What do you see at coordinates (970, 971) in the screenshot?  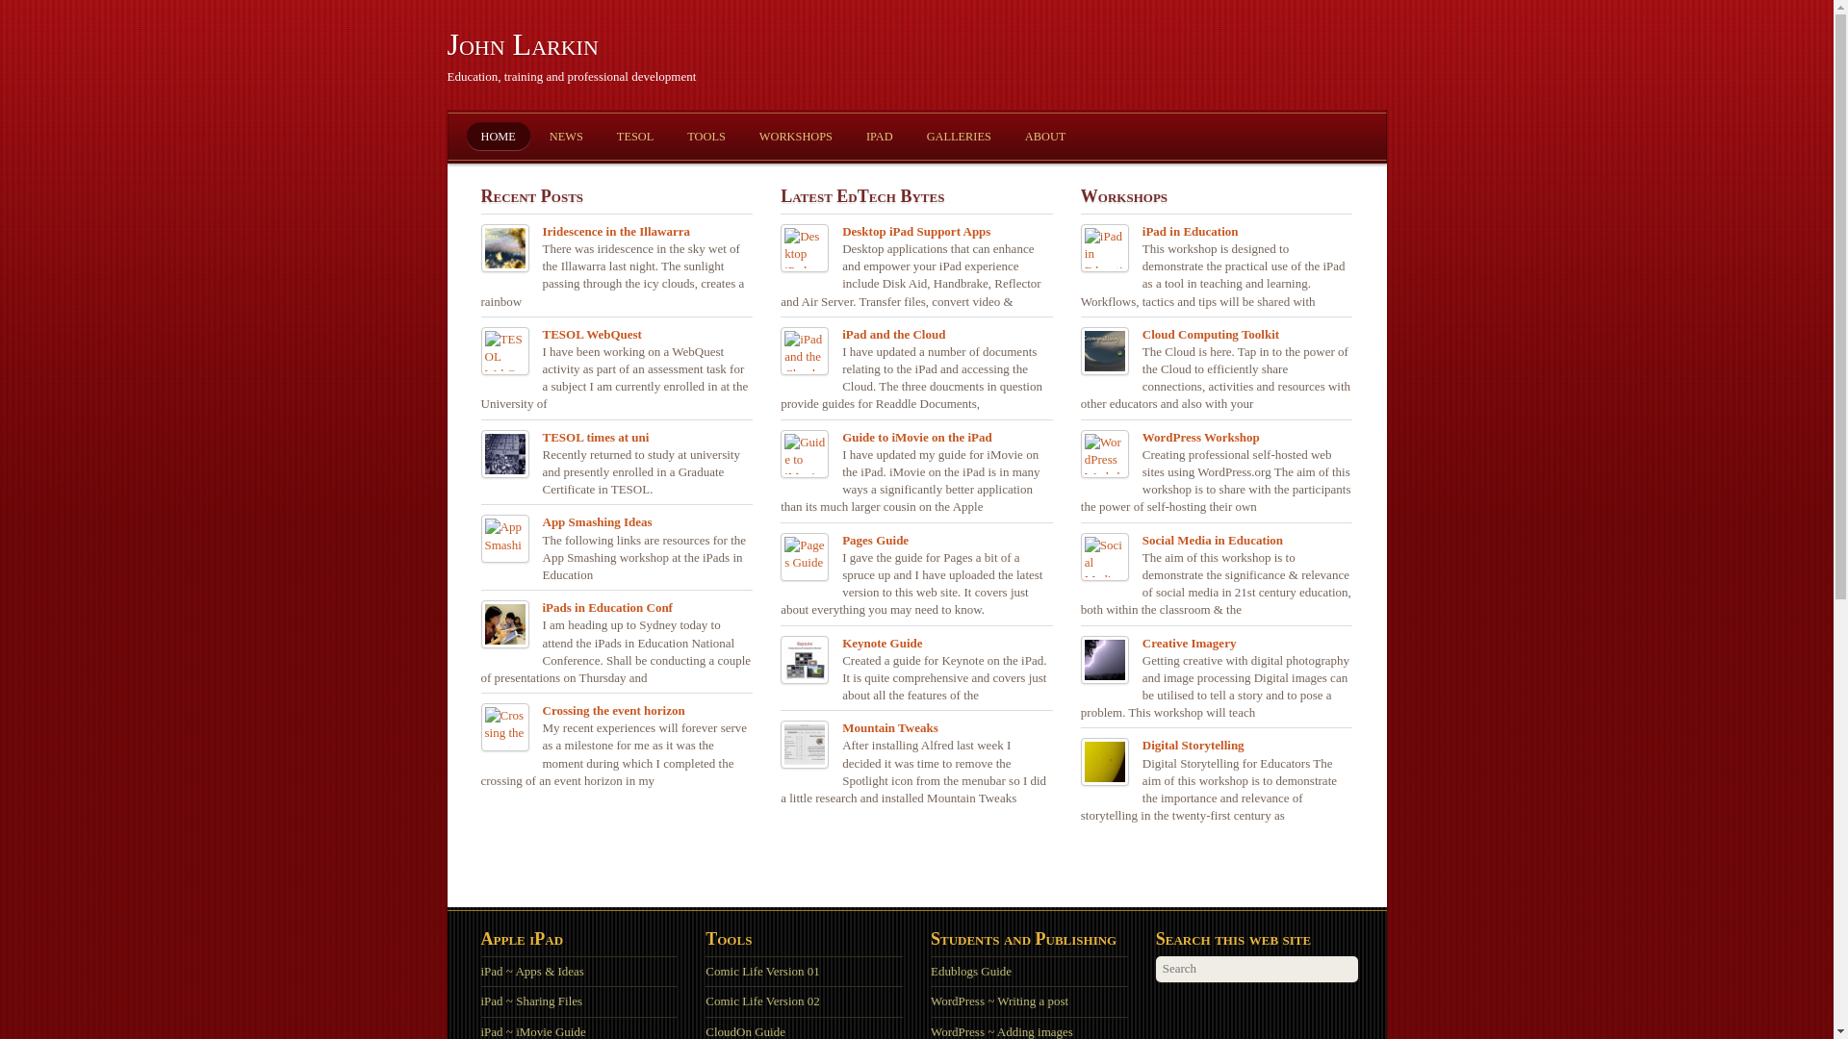 I see `'Edublogs Guide'` at bounding box center [970, 971].